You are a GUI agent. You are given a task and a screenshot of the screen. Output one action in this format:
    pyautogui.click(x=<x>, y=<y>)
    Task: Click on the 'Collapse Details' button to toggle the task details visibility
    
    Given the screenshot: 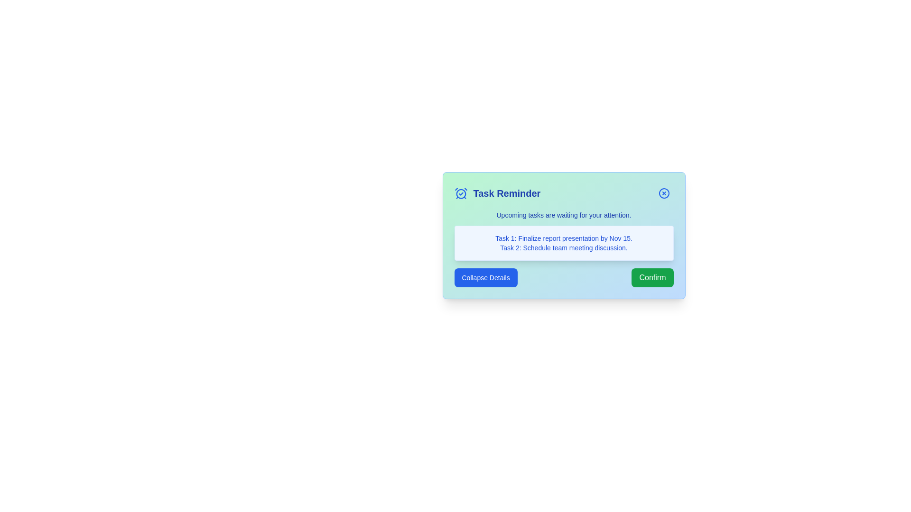 What is the action you would take?
    pyautogui.click(x=485, y=277)
    